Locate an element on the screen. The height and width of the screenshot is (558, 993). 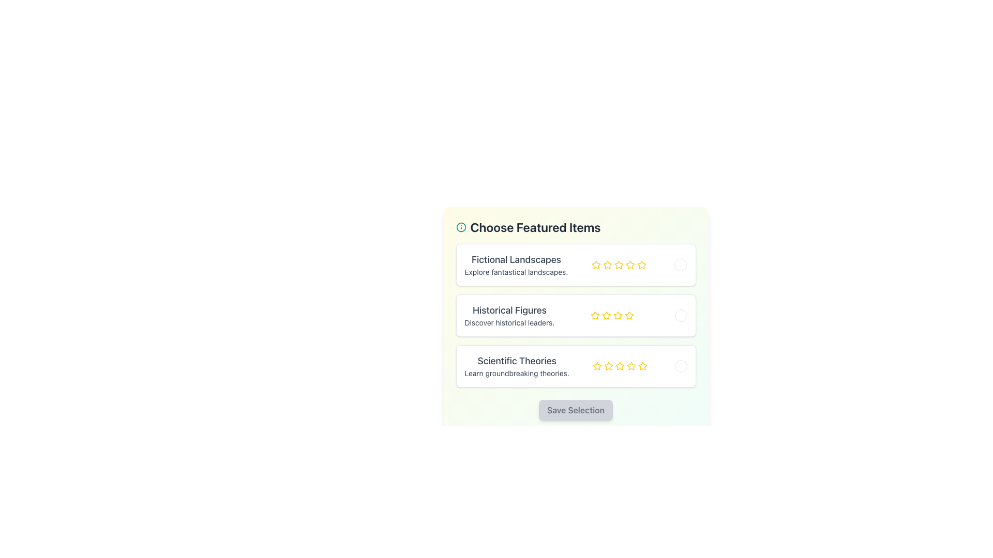
the text label that reads 'Discover historical leaders.' located in the second list item below the title 'Historical Figures.' is located at coordinates (509, 322).